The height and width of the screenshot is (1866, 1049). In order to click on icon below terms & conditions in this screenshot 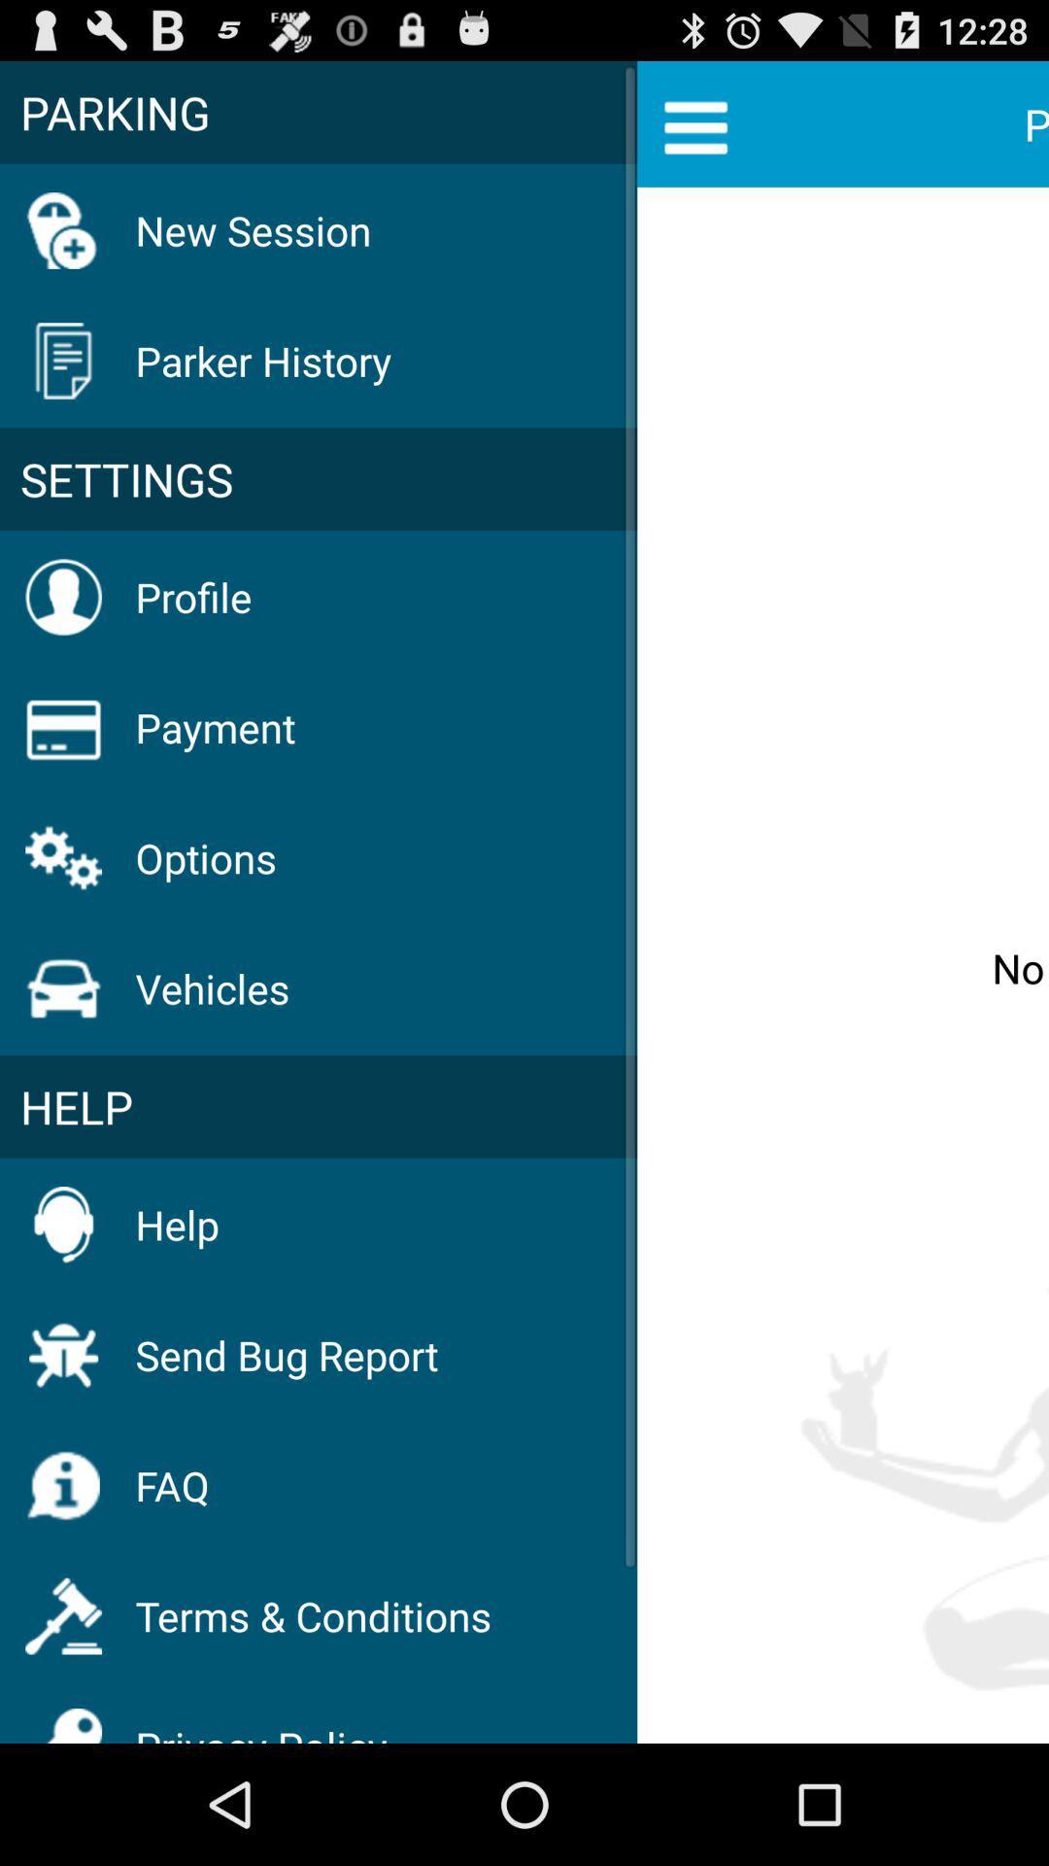, I will do `click(260, 1720)`.